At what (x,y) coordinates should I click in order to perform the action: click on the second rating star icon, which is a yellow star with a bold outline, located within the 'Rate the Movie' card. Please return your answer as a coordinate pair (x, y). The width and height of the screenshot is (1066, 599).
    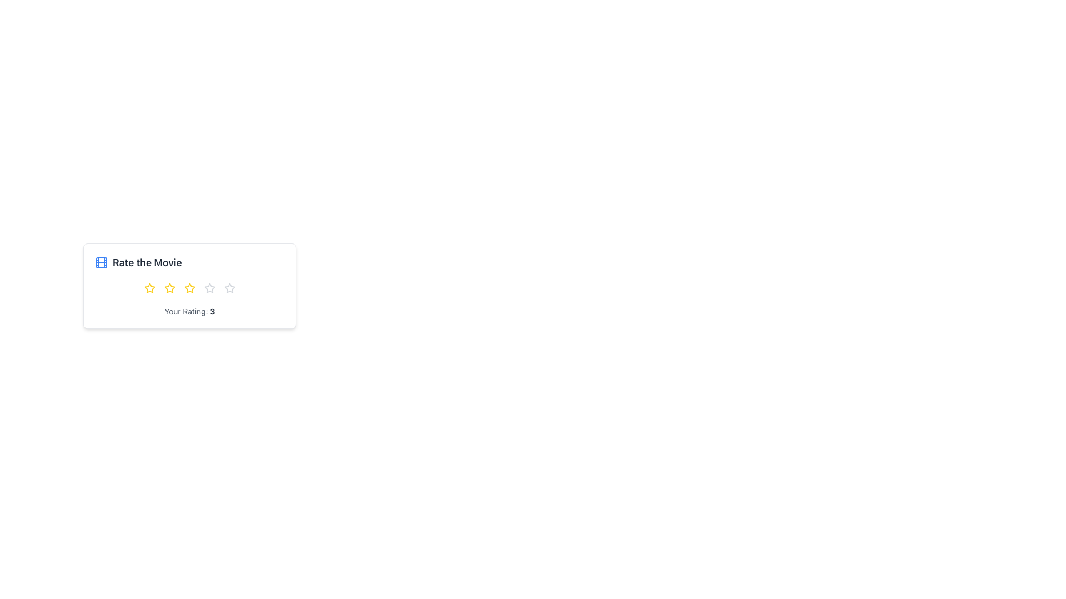
    Looking at the image, I should click on (149, 288).